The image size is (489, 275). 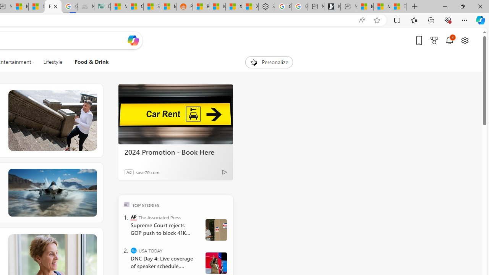 What do you see at coordinates (92, 62) in the screenshot?
I see `'Food & Drink'` at bounding box center [92, 62].